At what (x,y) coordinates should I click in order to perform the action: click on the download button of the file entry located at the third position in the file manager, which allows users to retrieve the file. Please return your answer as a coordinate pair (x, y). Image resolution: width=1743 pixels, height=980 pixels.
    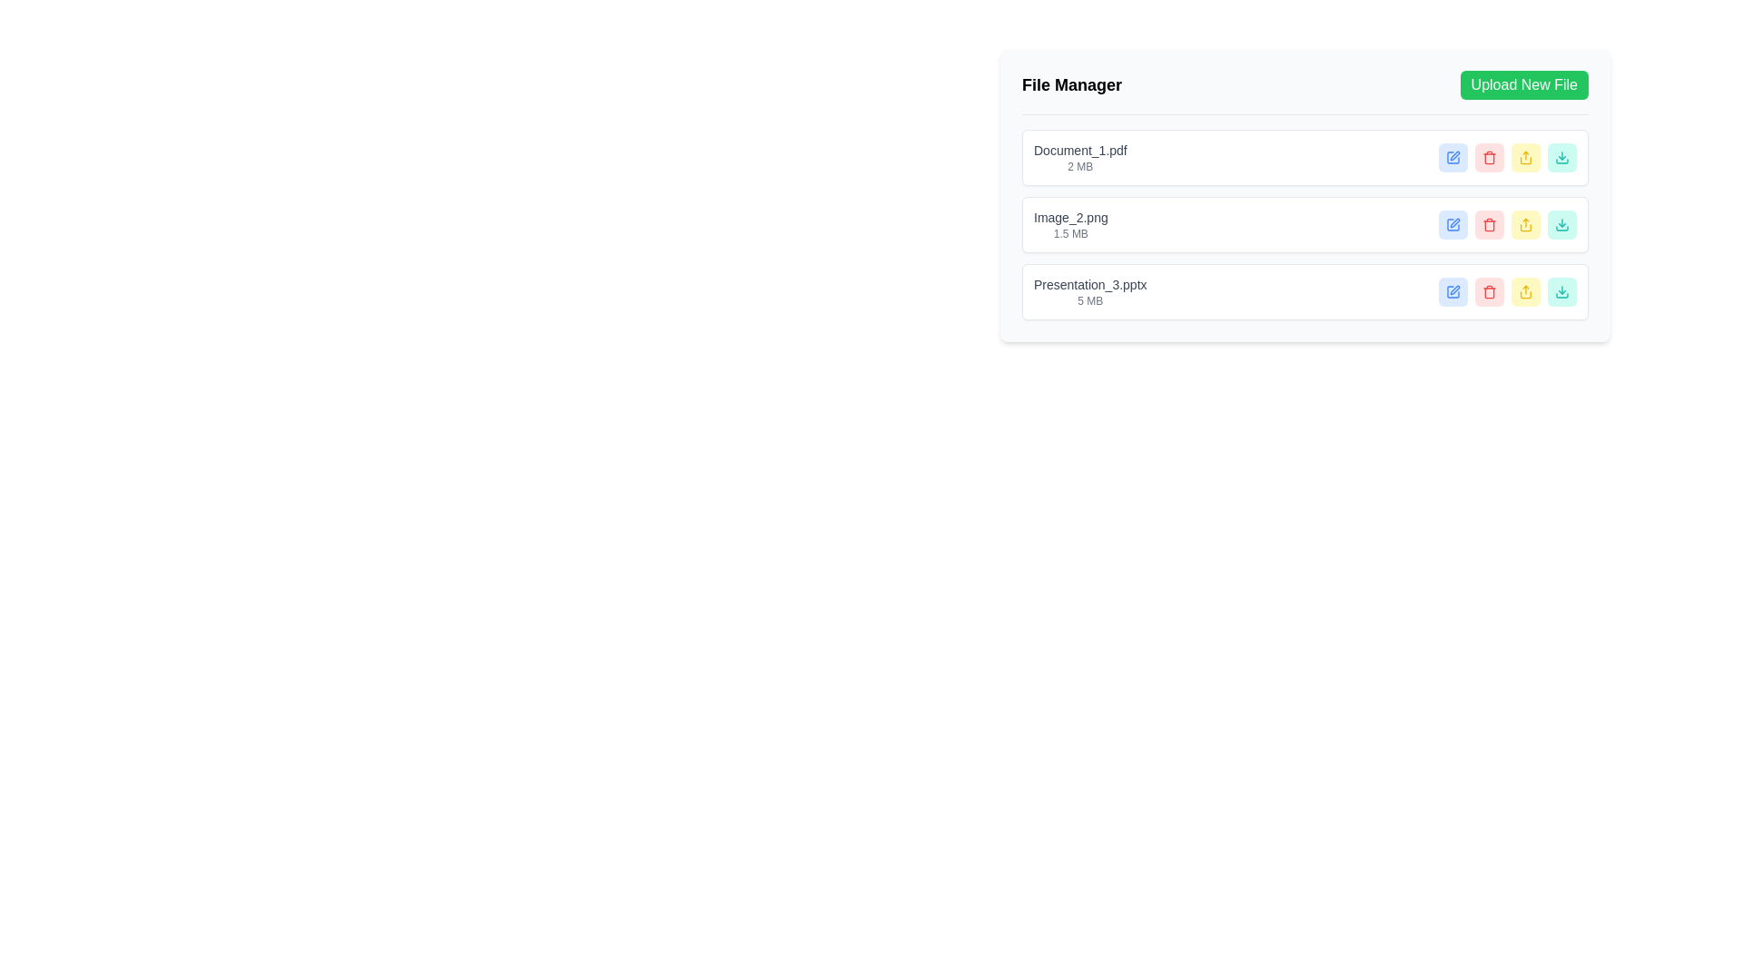
    Looking at the image, I should click on (1305, 290).